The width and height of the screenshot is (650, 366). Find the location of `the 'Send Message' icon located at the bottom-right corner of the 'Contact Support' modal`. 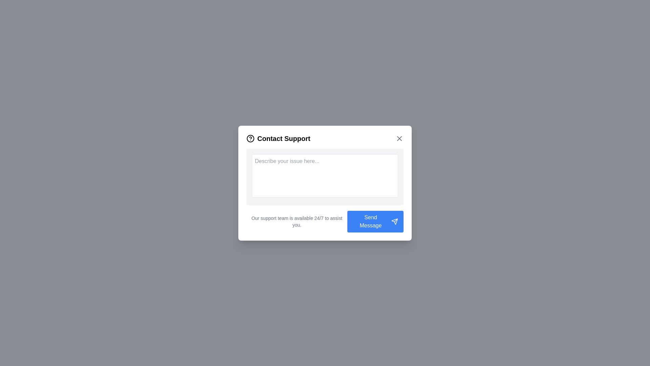

the 'Send Message' icon located at the bottom-right corner of the 'Contact Support' modal is located at coordinates (395, 221).